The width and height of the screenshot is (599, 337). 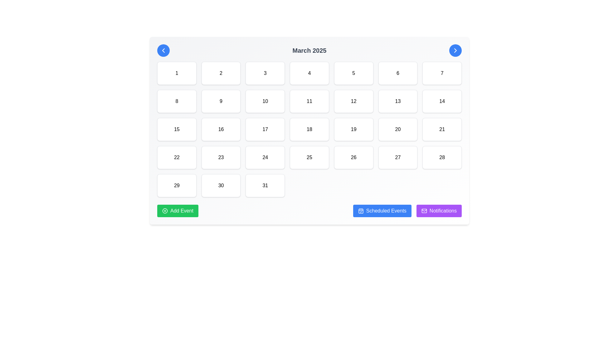 What do you see at coordinates (176, 157) in the screenshot?
I see `on the calendar day card displaying the number '22', which is located in the first column of the fourth row in a grid layout` at bounding box center [176, 157].